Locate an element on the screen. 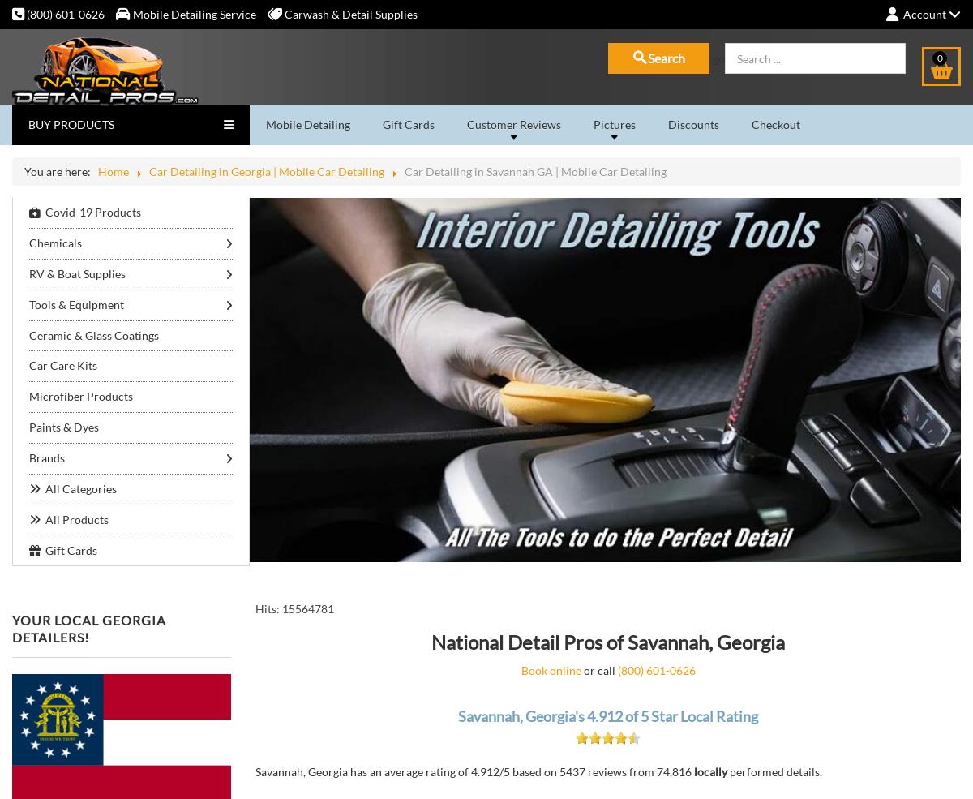  'Account' is located at coordinates (924, 13).